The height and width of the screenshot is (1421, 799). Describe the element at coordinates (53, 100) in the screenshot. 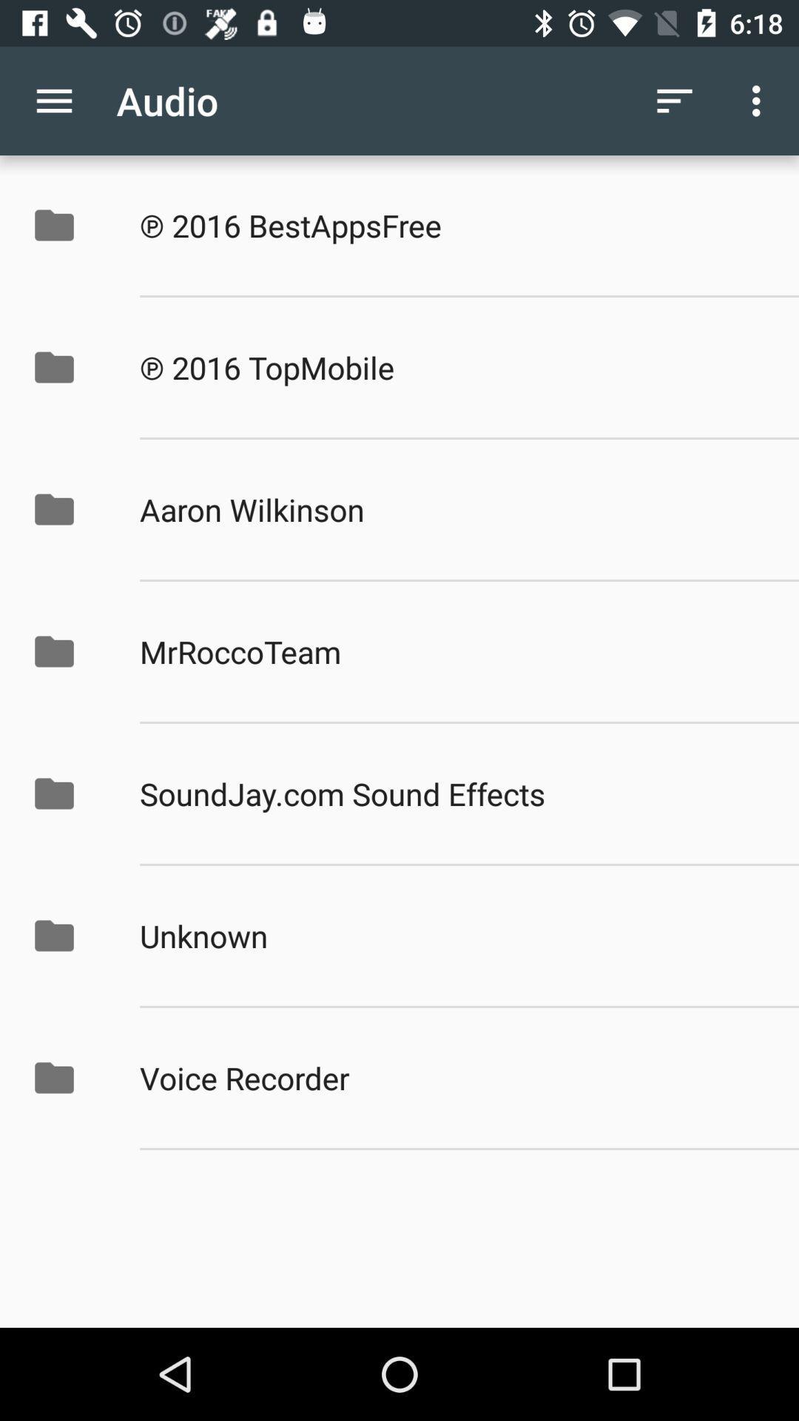

I see `the app next to audio` at that location.